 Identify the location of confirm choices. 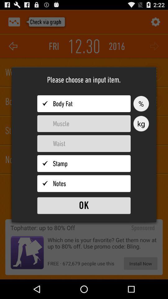
(84, 205).